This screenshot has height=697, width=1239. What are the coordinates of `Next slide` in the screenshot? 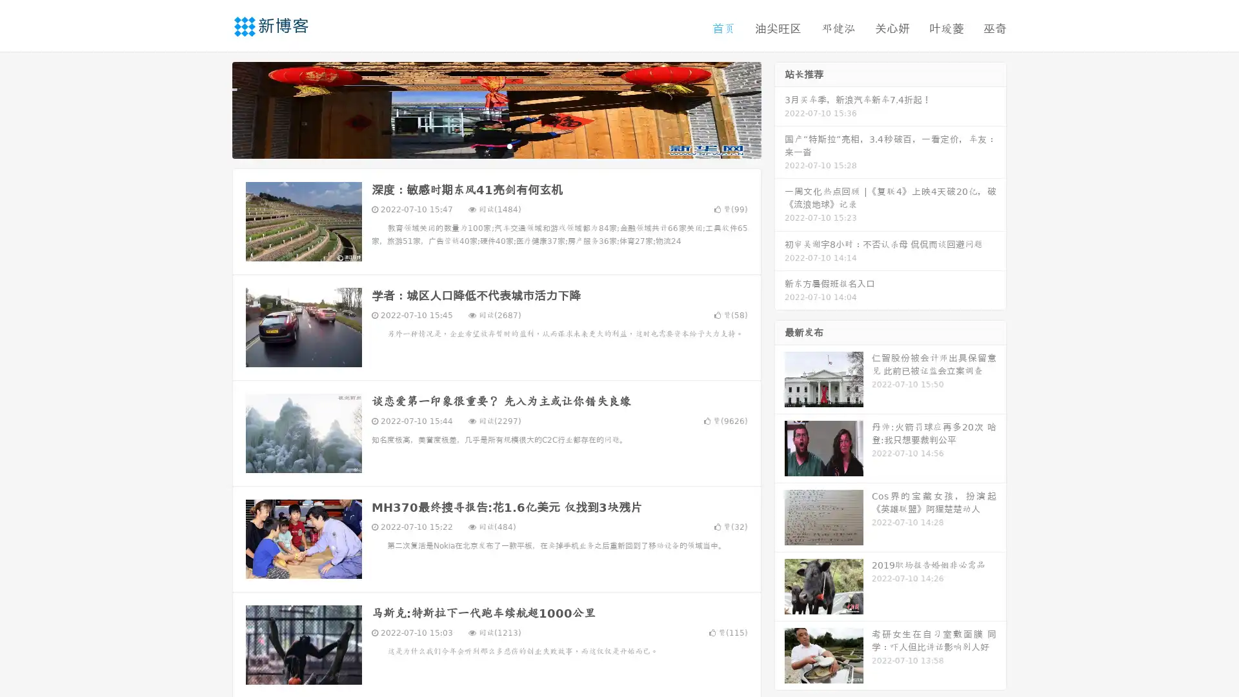 It's located at (780, 108).